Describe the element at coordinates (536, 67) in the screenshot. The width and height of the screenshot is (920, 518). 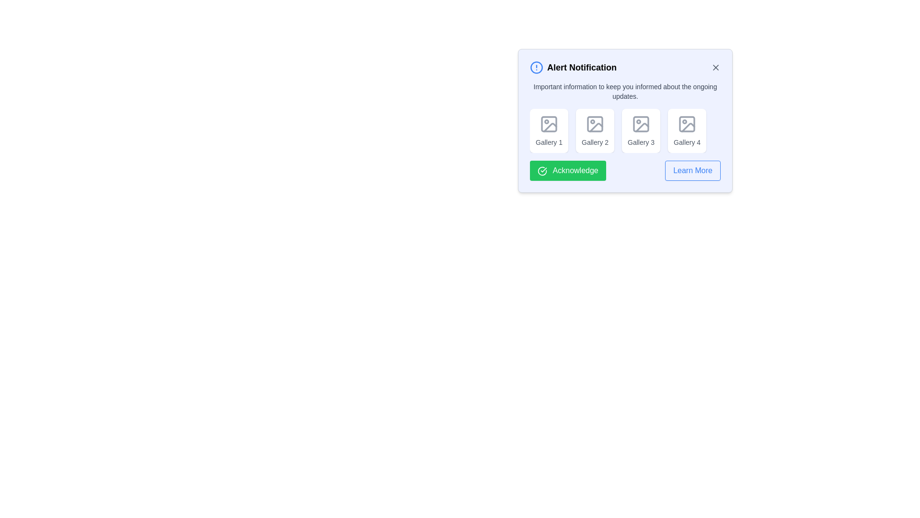
I see `the alert icon to inspect its information` at that location.